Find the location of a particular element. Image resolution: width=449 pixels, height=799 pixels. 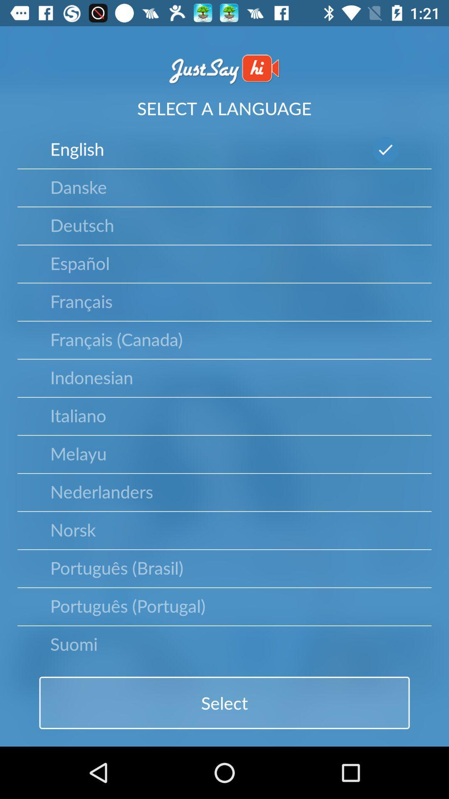

the item above the suomi icon is located at coordinates (128, 605).